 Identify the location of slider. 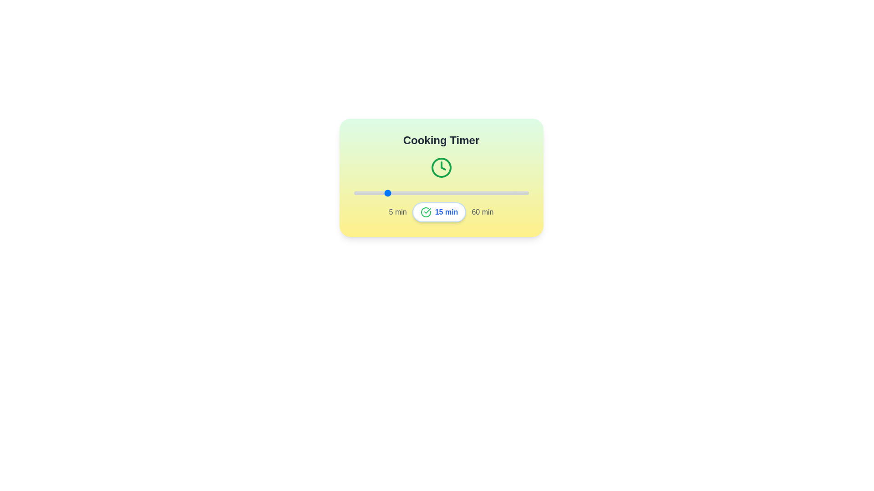
(373, 192).